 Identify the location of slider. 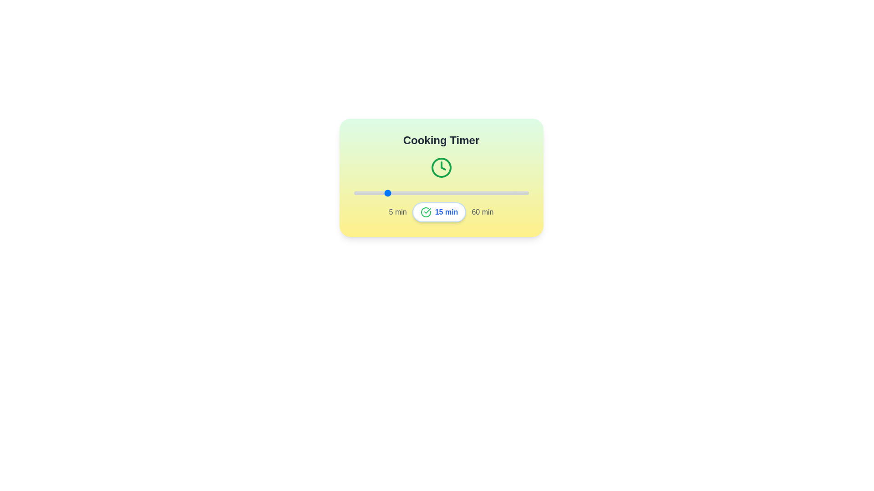
(373, 192).